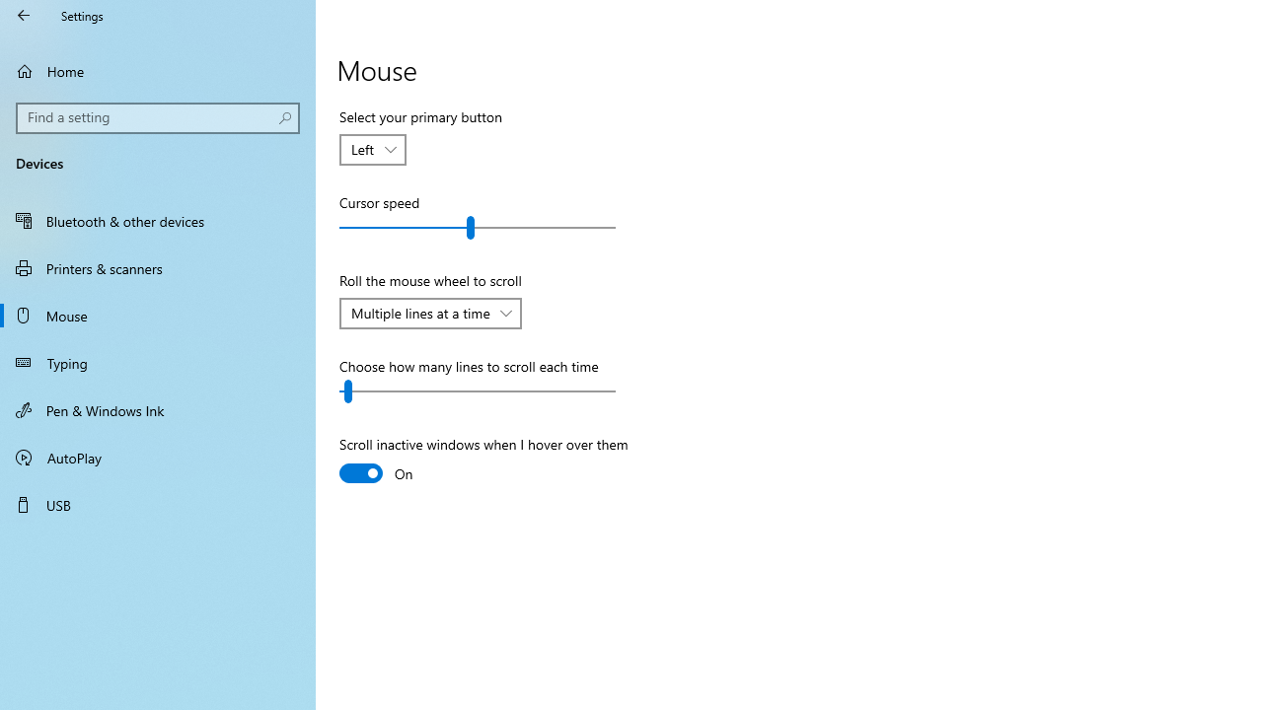 Image resolution: width=1263 pixels, height=710 pixels. What do you see at coordinates (158, 315) in the screenshot?
I see `'Mouse'` at bounding box center [158, 315].